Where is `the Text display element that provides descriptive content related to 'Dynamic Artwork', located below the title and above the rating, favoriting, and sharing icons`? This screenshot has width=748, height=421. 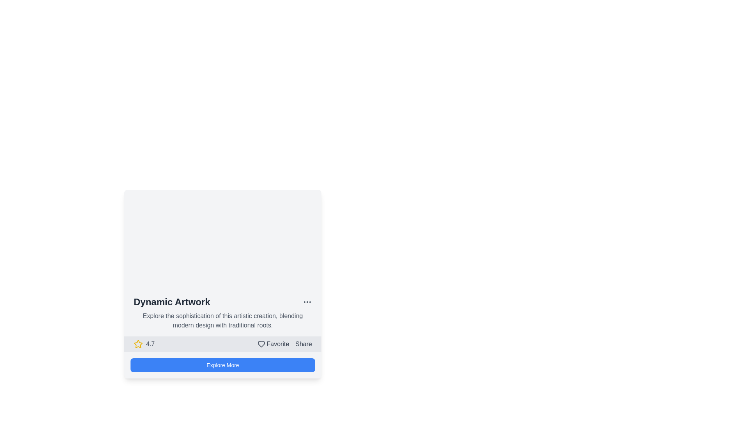 the Text display element that provides descriptive content related to 'Dynamic Artwork', located below the title and above the rating, favoriting, and sharing icons is located at coordinates (222, 320).